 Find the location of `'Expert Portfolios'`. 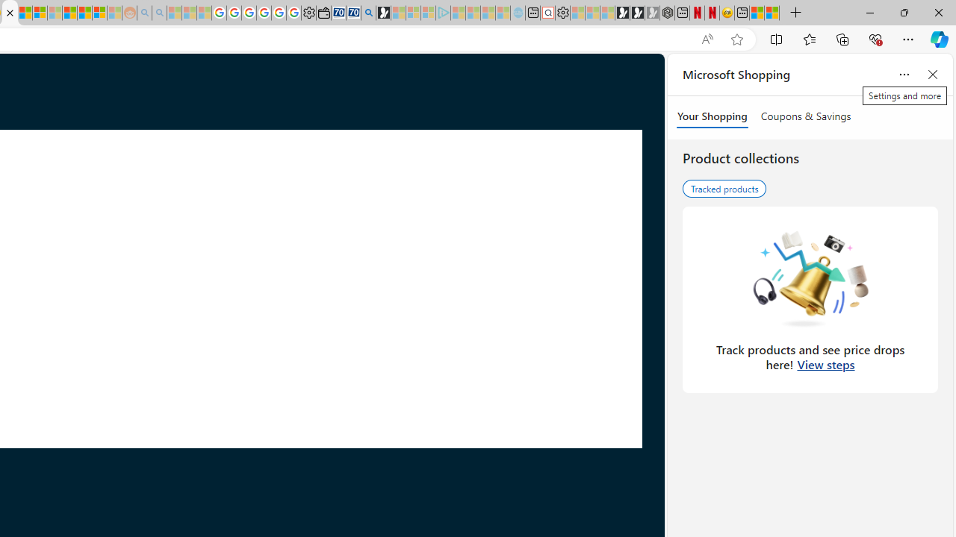

'Expert Portfolios' is located at coordinates (69, 13).